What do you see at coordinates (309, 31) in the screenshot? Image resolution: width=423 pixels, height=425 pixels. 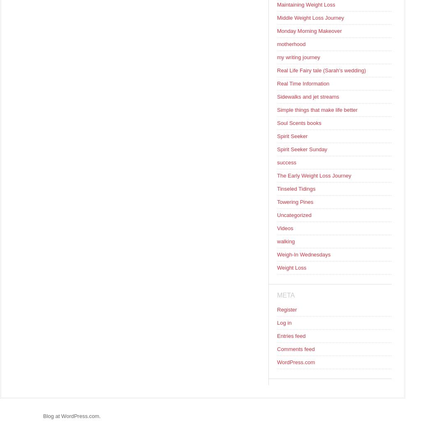 I see `'Monday Morning Makeover'` at bounding box center [309, 31].